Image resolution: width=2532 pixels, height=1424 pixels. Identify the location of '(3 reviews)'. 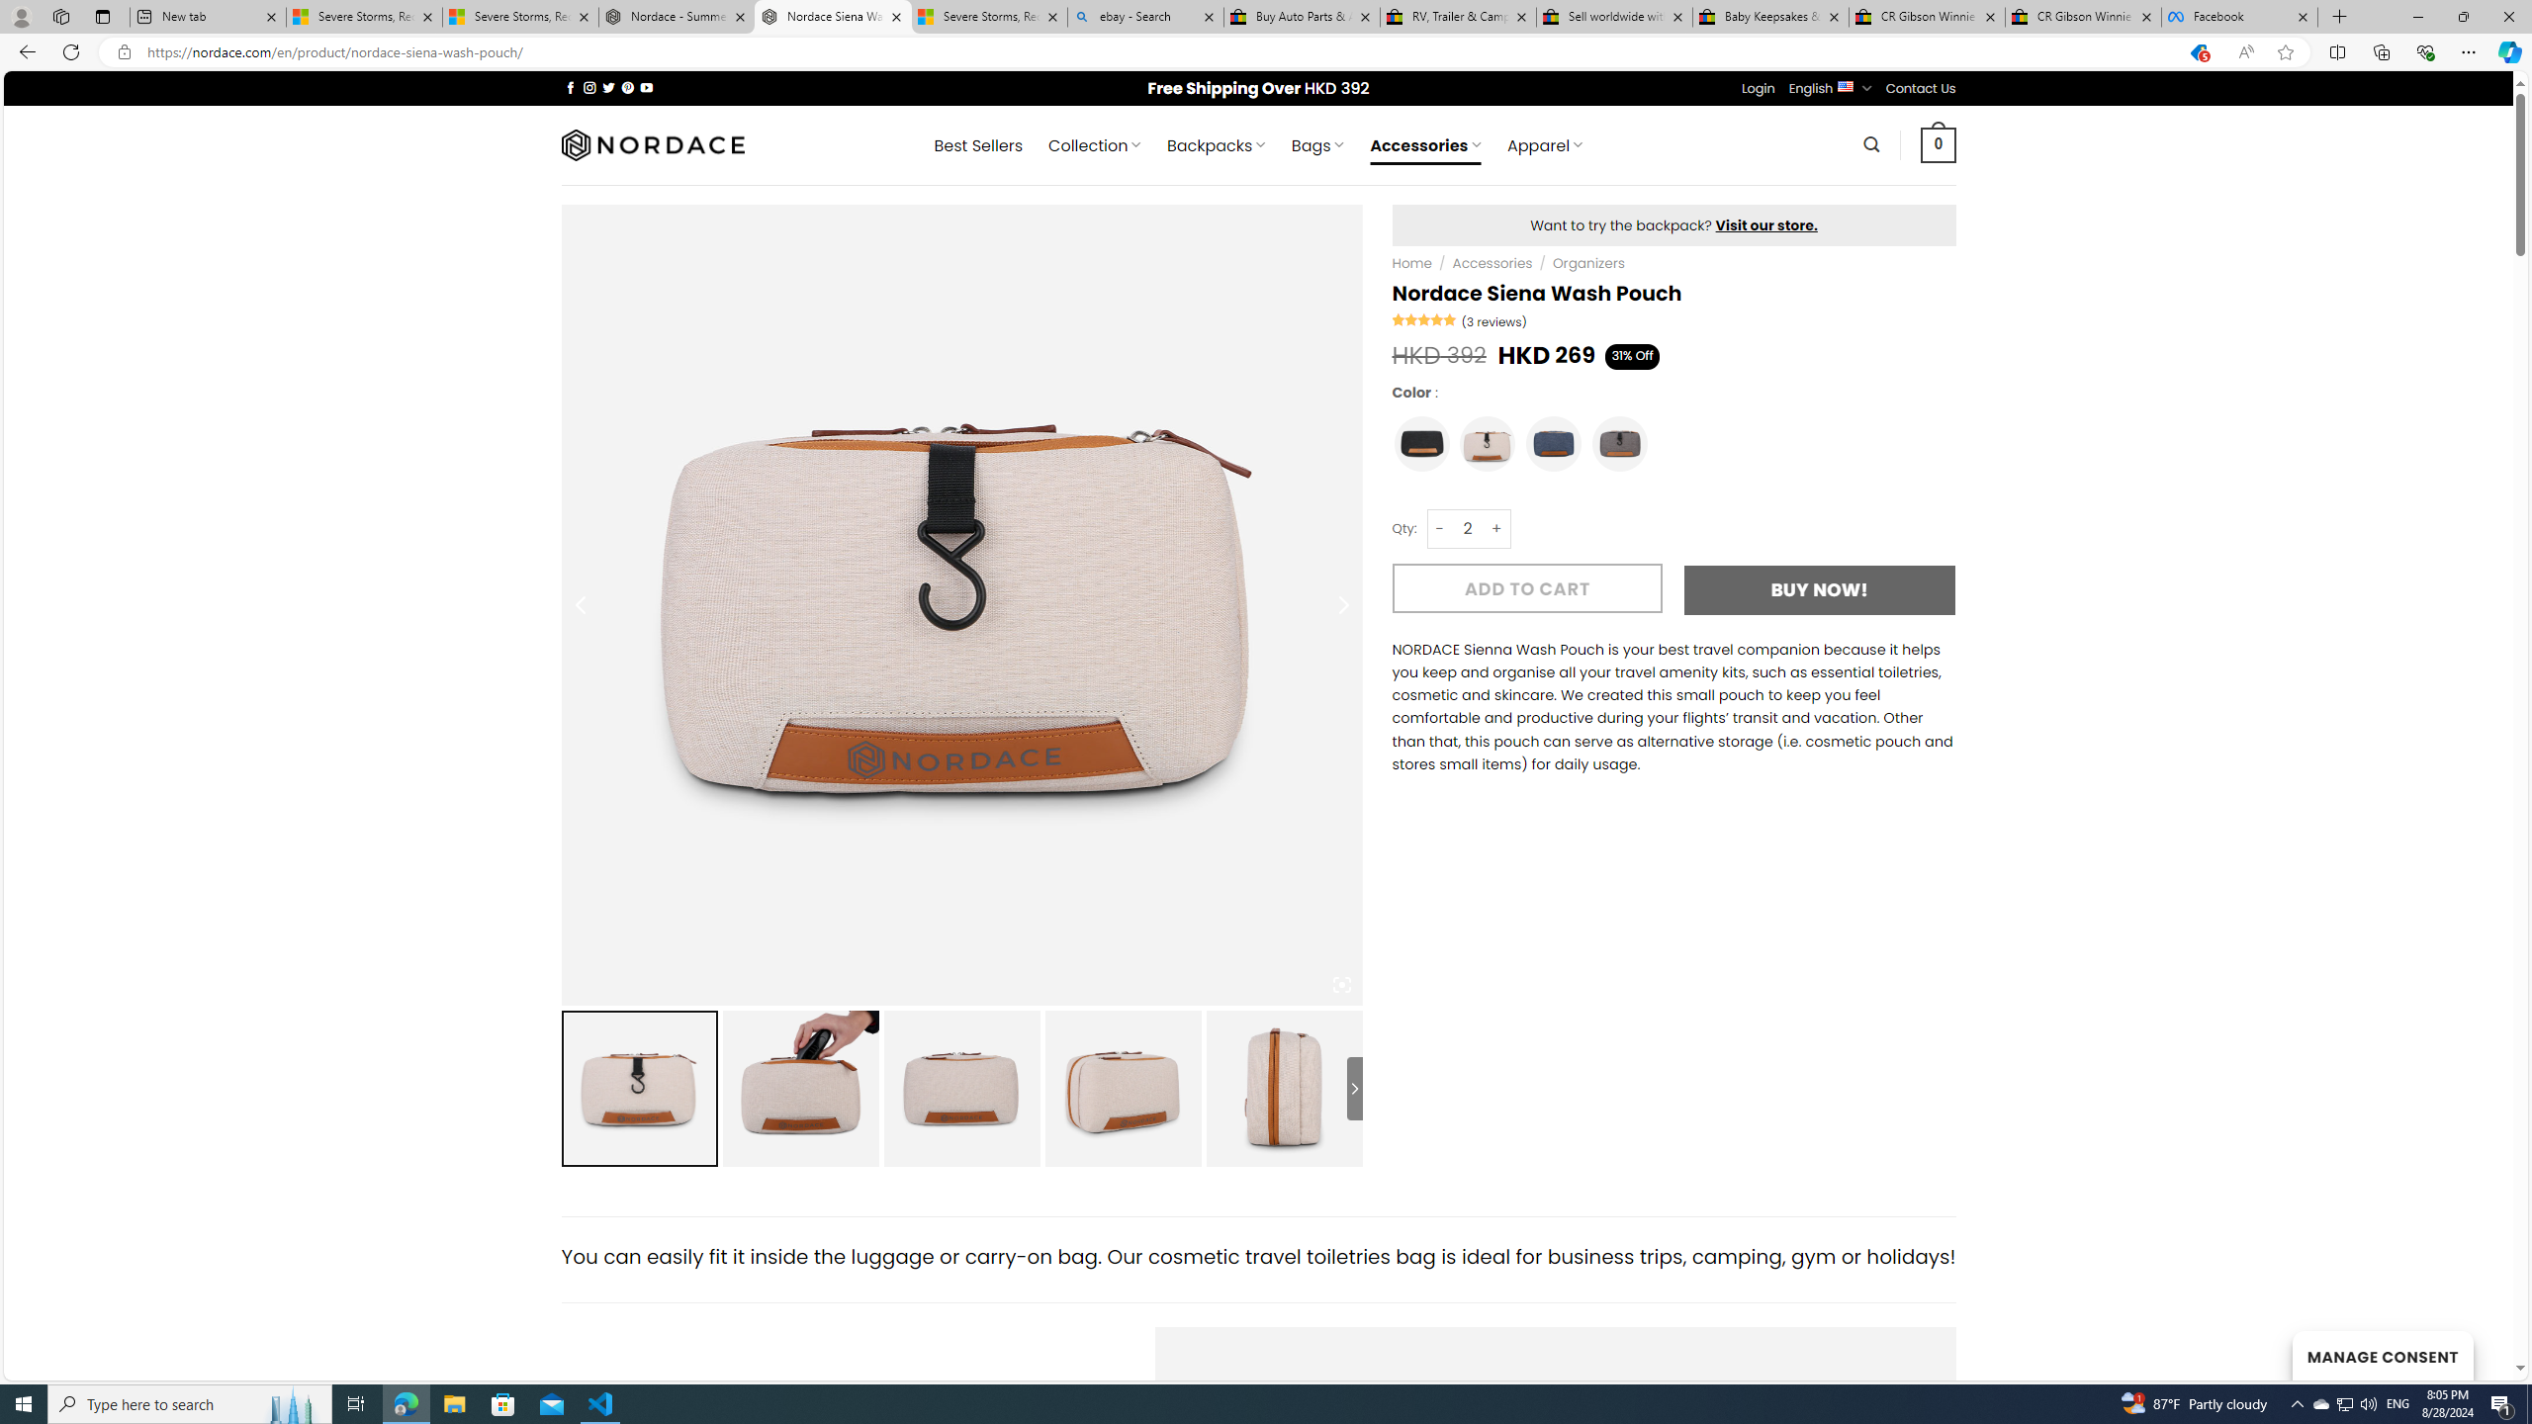
(1492, 321).